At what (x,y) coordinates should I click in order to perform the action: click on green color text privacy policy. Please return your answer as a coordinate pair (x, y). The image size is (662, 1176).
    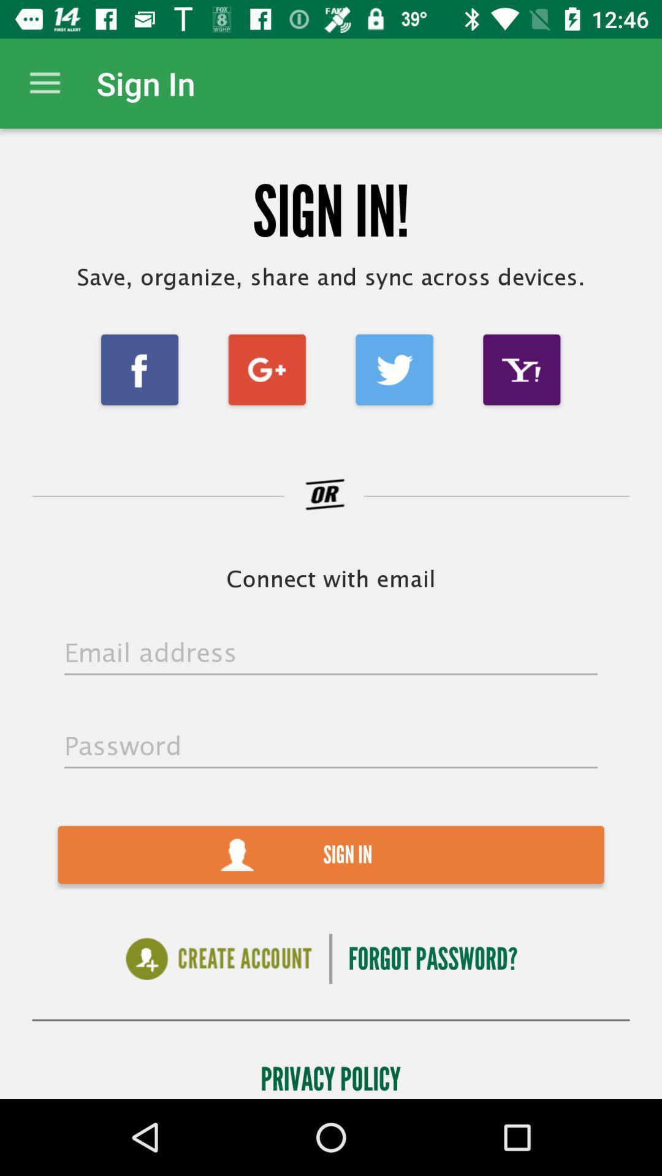
    Looking at the image, I should click on (330, 1075).